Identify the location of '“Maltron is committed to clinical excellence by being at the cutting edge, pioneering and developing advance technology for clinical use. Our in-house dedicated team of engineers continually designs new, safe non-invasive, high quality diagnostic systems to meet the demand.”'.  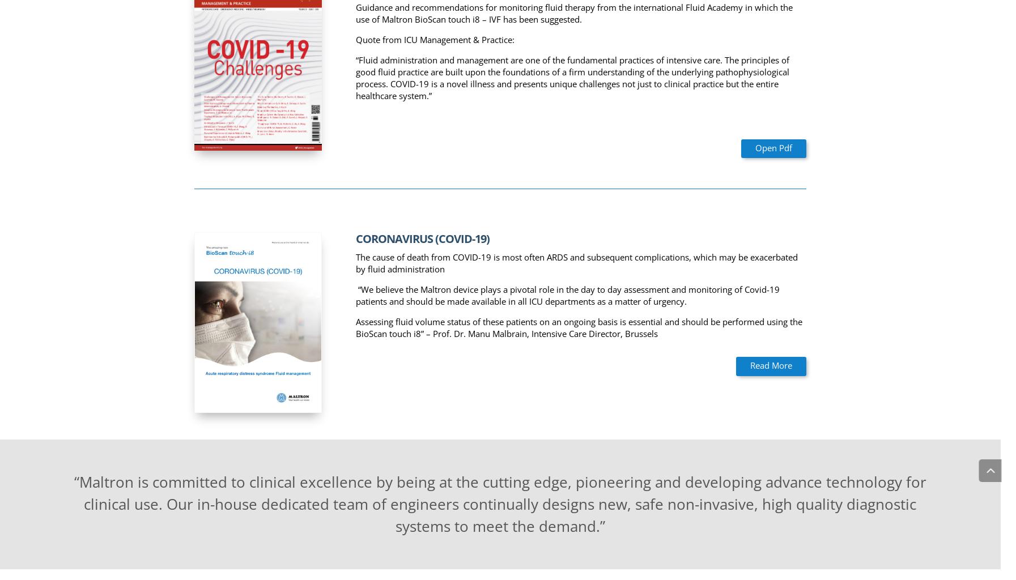
(499, 504).